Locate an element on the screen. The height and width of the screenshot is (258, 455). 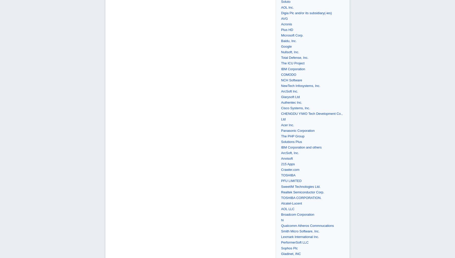
'Gladinet, INC' is located at coordinates (291, 253).